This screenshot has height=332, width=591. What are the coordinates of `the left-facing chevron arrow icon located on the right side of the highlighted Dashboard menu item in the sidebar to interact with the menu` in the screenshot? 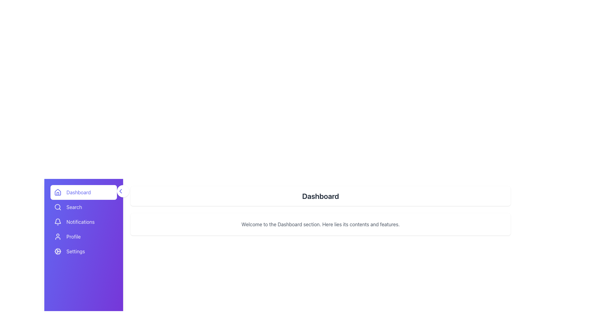 It's located at (121, 191).